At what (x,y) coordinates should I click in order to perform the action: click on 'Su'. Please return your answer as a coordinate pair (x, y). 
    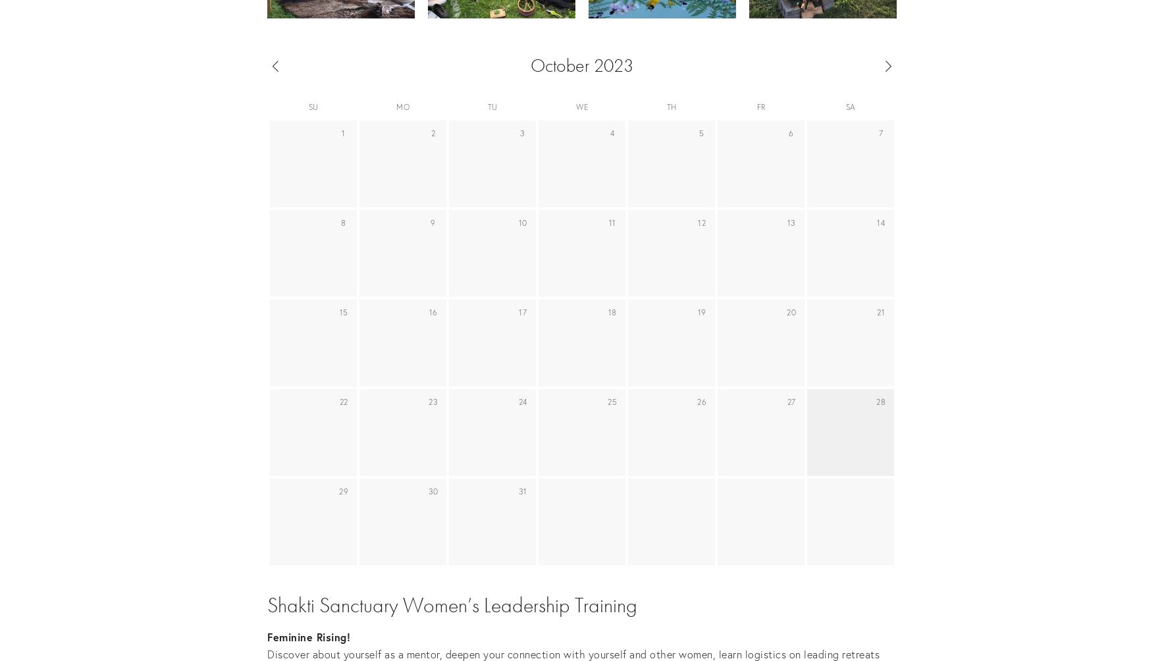
    Looking at the image, I should click on (307, 106).